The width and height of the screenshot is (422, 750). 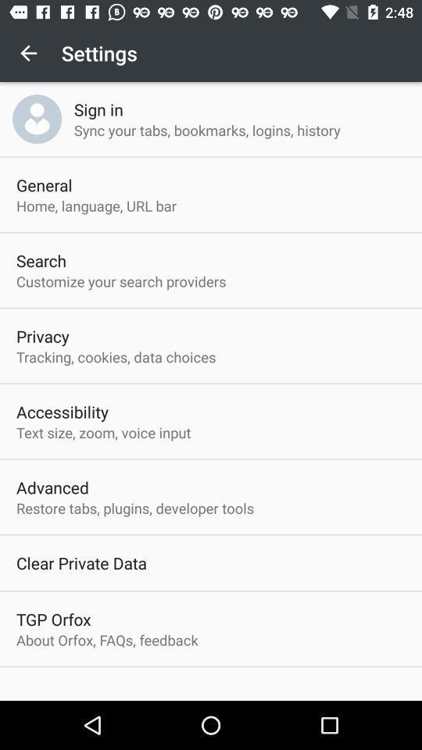 I want to click on clear private data app, so click(x=81, y=562).